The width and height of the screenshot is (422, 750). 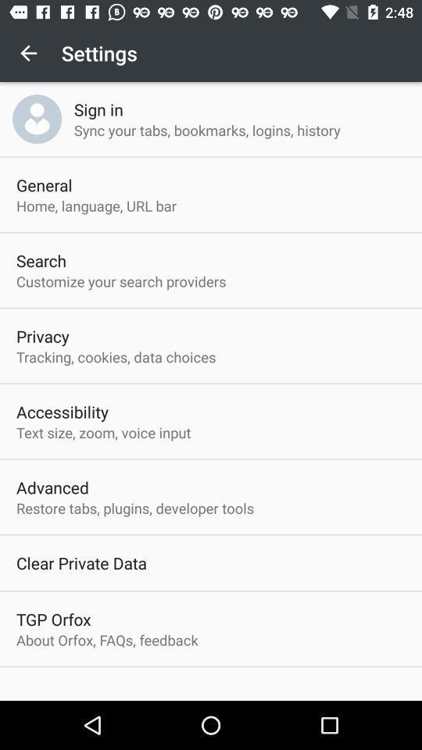 I want to click on clear private data app, so click(x=81, y=562).